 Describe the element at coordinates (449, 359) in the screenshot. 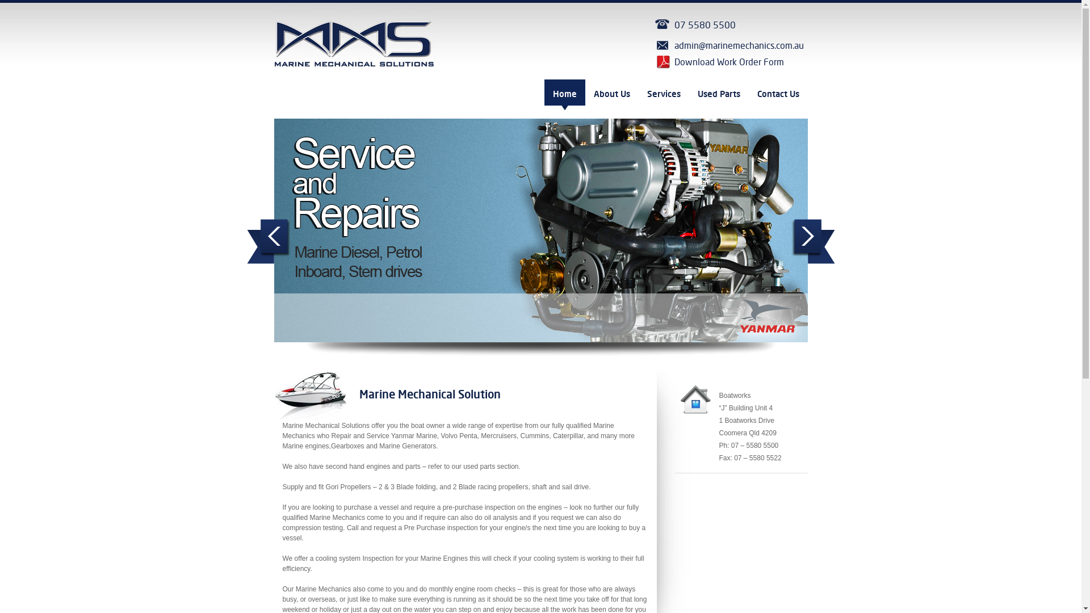

I see `'3'` at that location.